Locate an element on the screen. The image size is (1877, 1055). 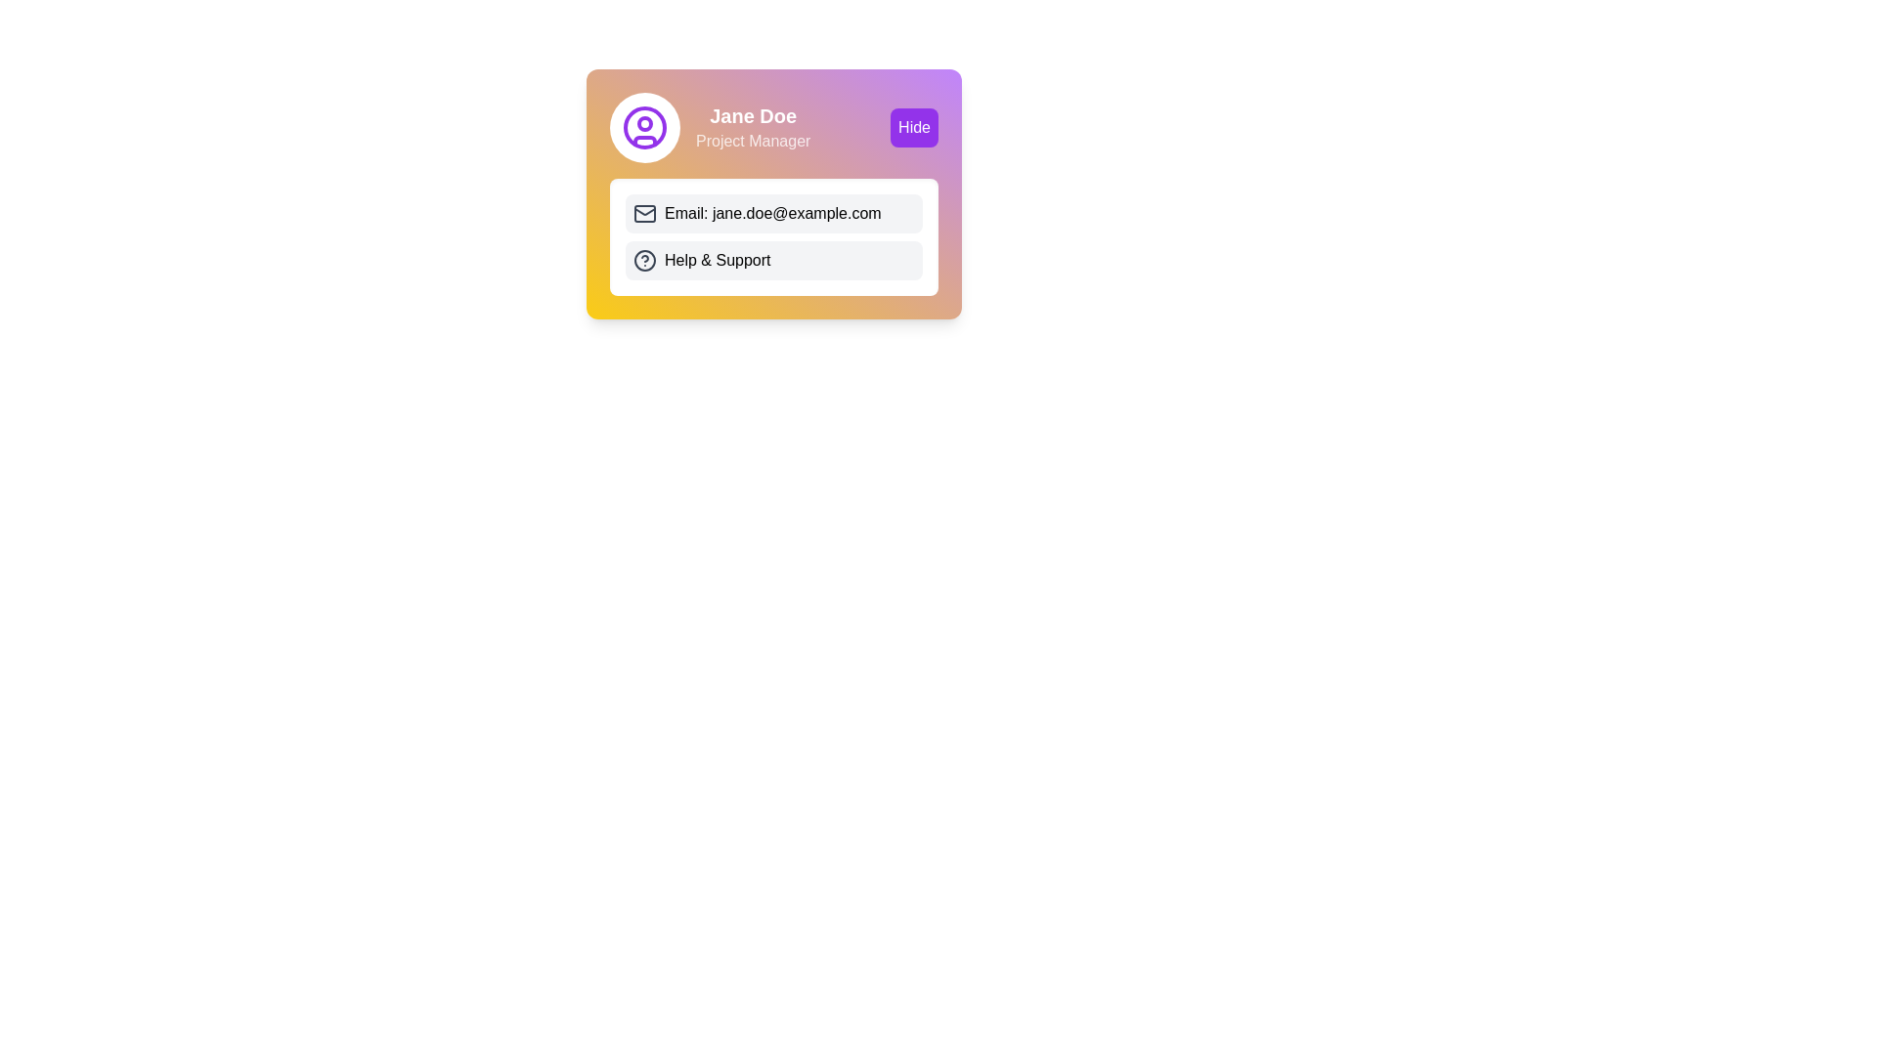
the circular SVG element located near the 'Help & Support' text in the bottom left of the interactive button is located at coordinates (645, 259).